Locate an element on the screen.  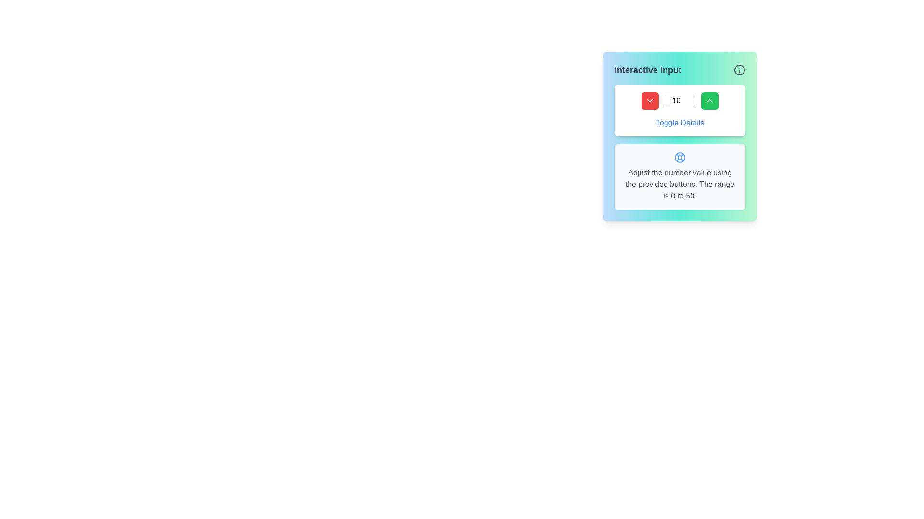
the information tooltip icon located in the top-right corner of the 'Interactive Input' header, next to its text is located at coordinates (739, 70).